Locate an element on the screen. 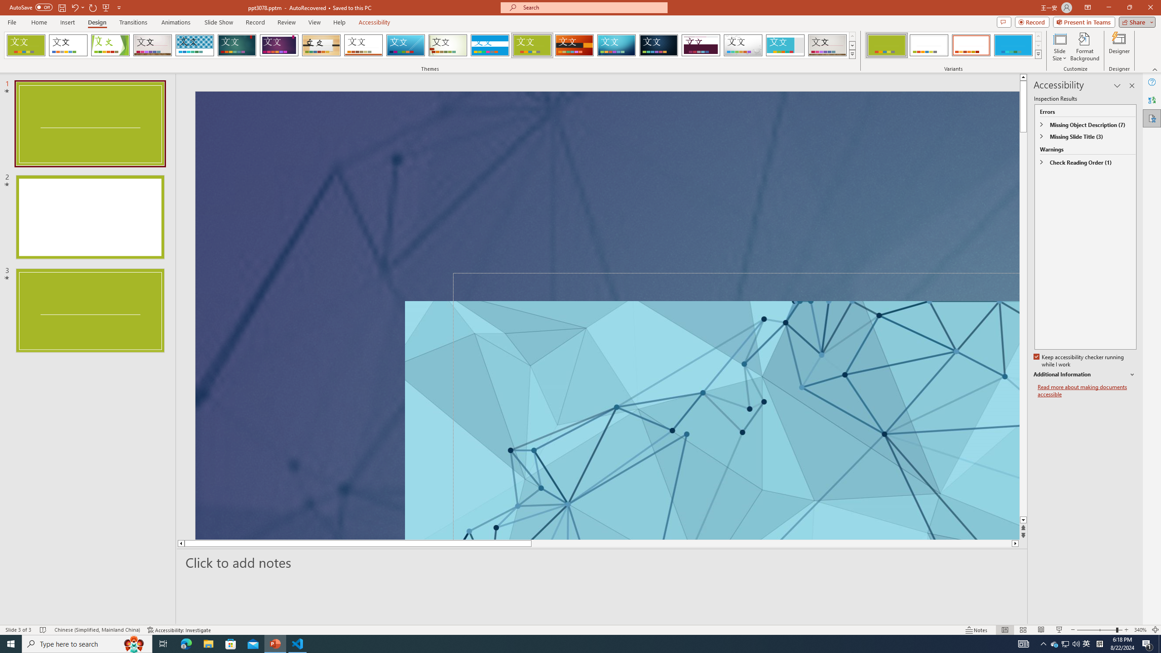  'Read more about making documents accessible' is located at coordinates (1087, 390).